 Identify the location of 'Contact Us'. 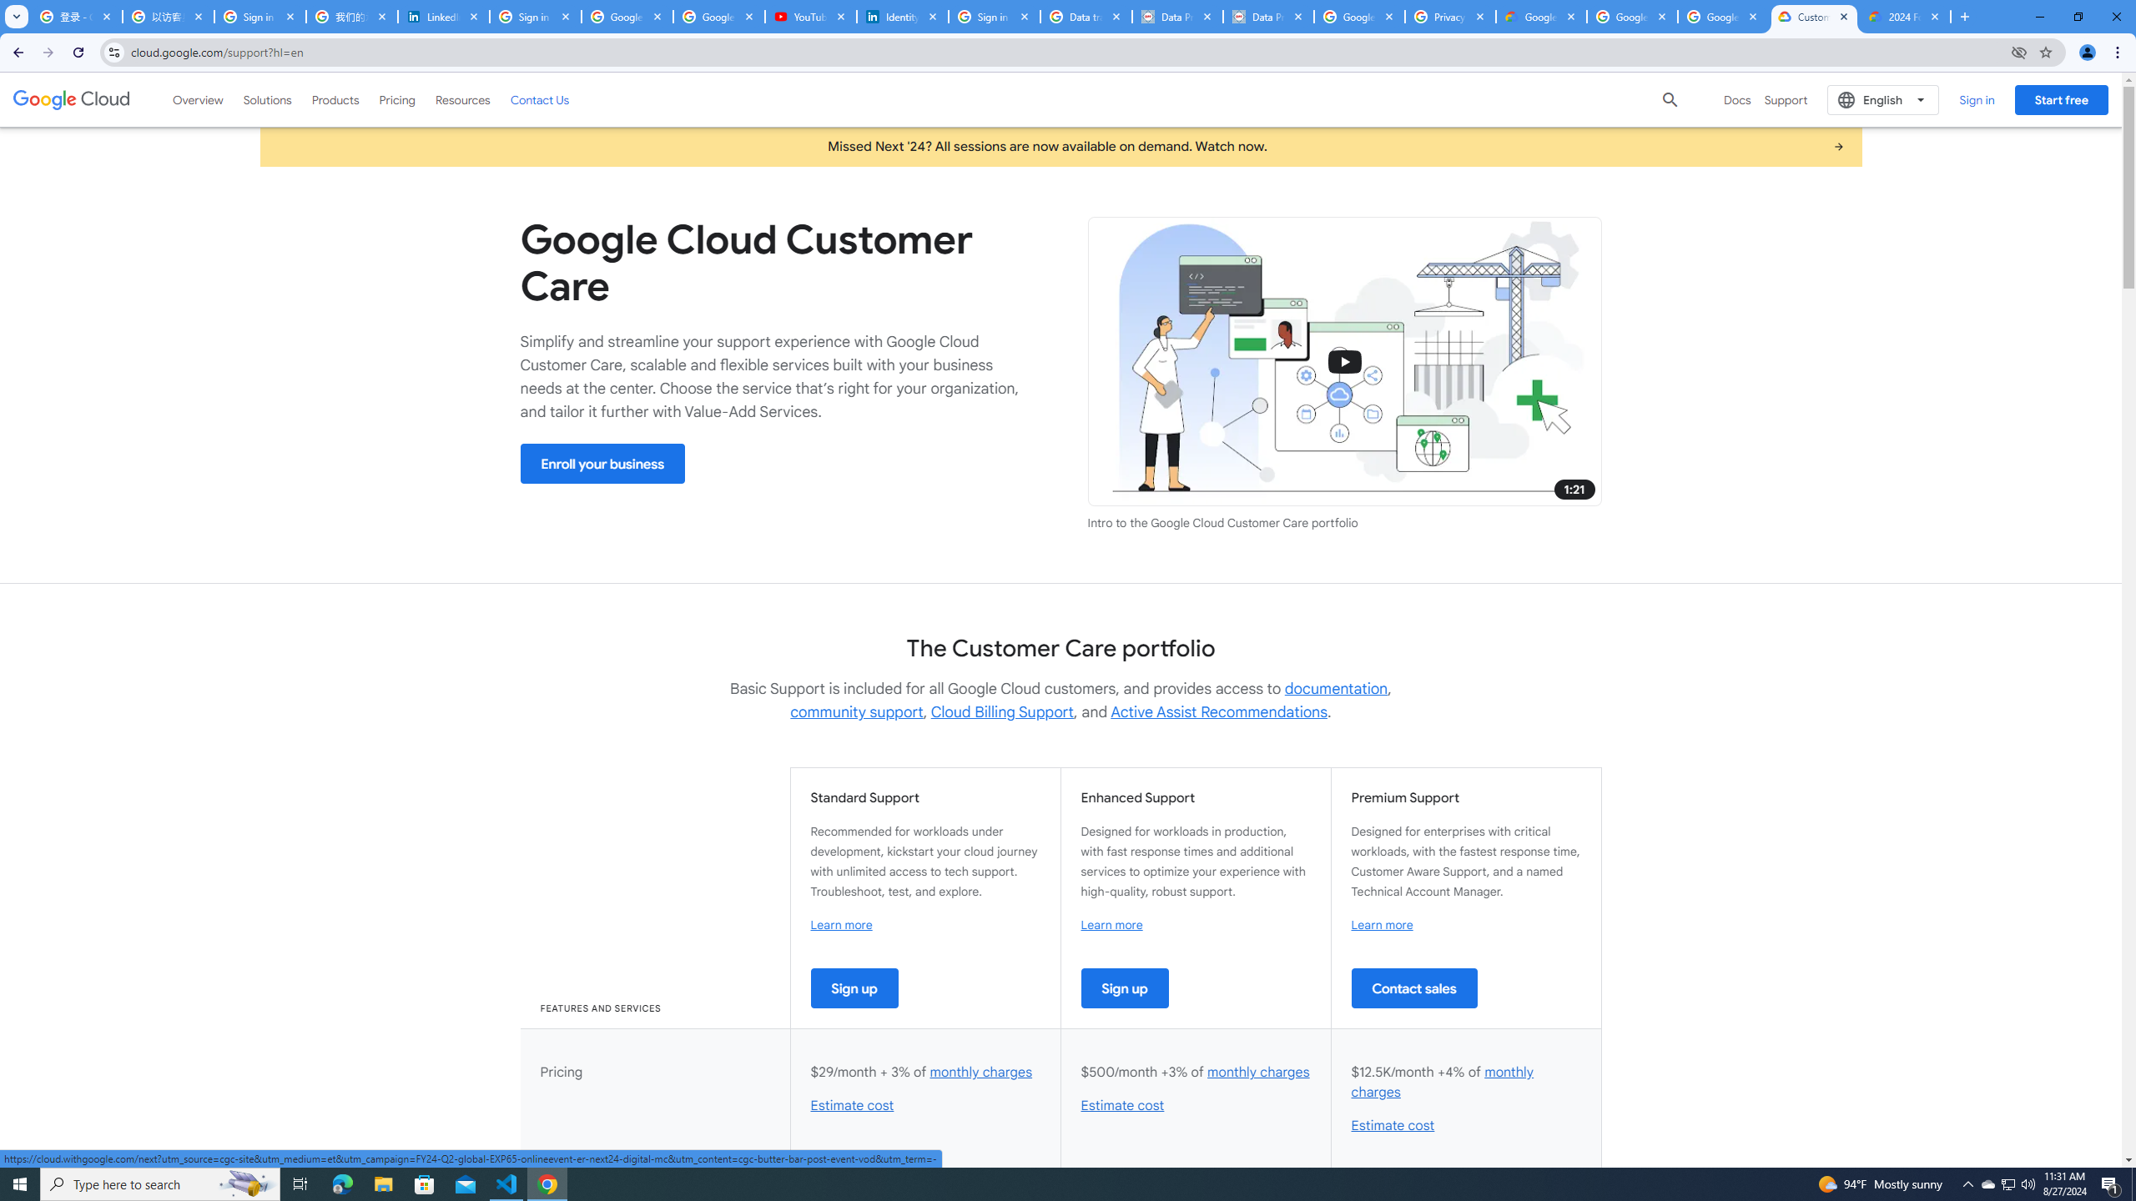
(540, 99).